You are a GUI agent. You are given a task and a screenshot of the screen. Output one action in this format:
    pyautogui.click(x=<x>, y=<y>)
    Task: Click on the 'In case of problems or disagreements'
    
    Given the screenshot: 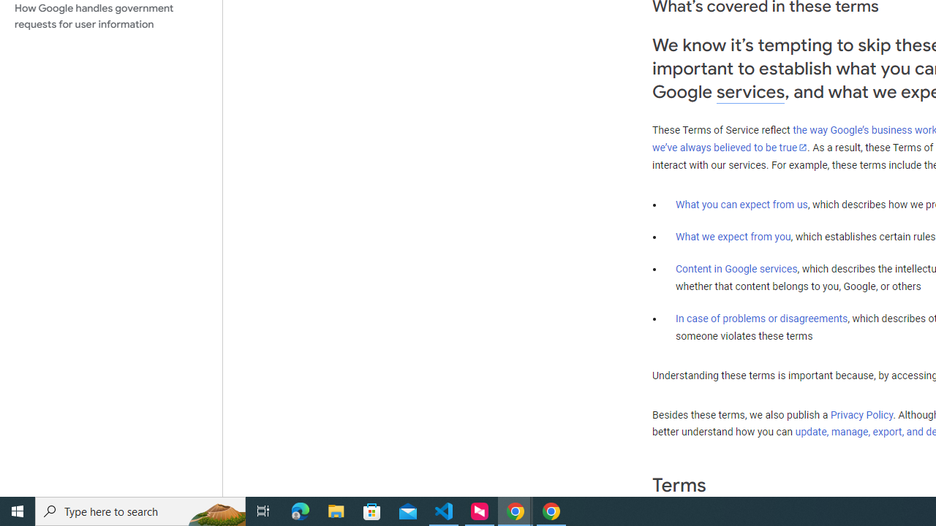 What is the action you would take?
    pyautogui.click(x=760, y=317)
    